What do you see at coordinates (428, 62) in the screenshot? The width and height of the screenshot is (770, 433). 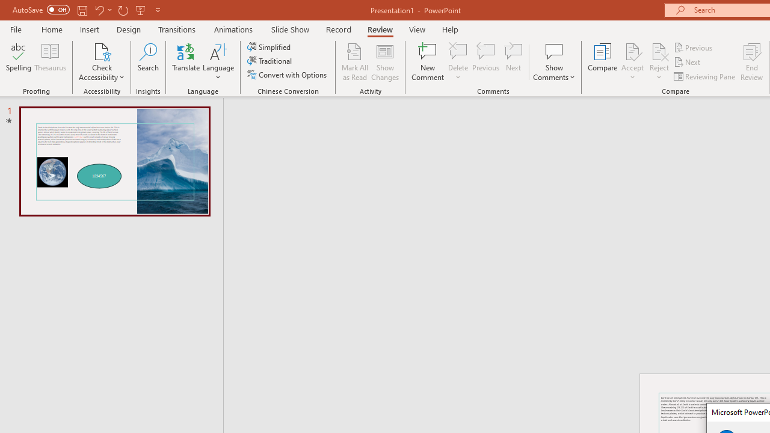 I see `'New Comment'` at bounding box center [428, 62].